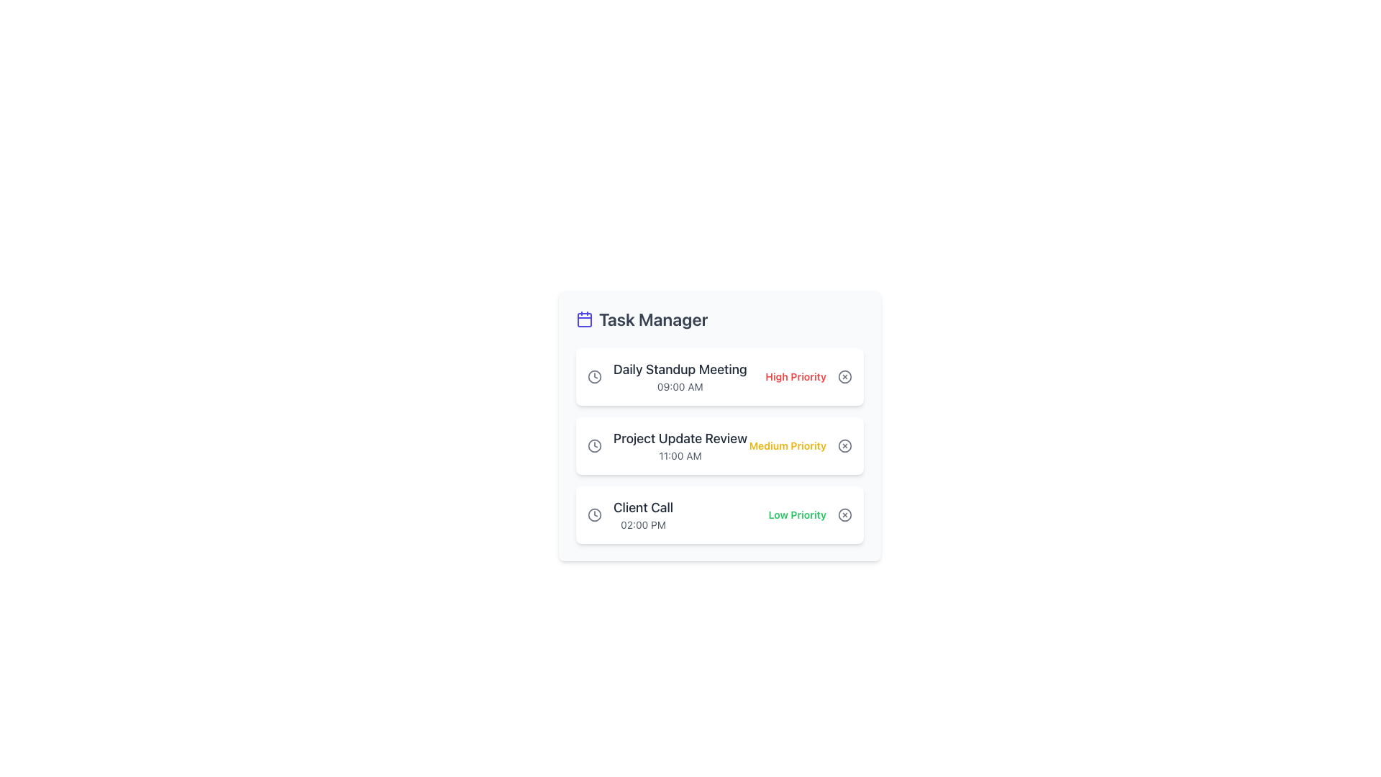  I want to click on the circular icon with a crossing line in the center, located on the right side of the 'Client Call' task entry in the 'Task Manager' interface, so click(845, 514).